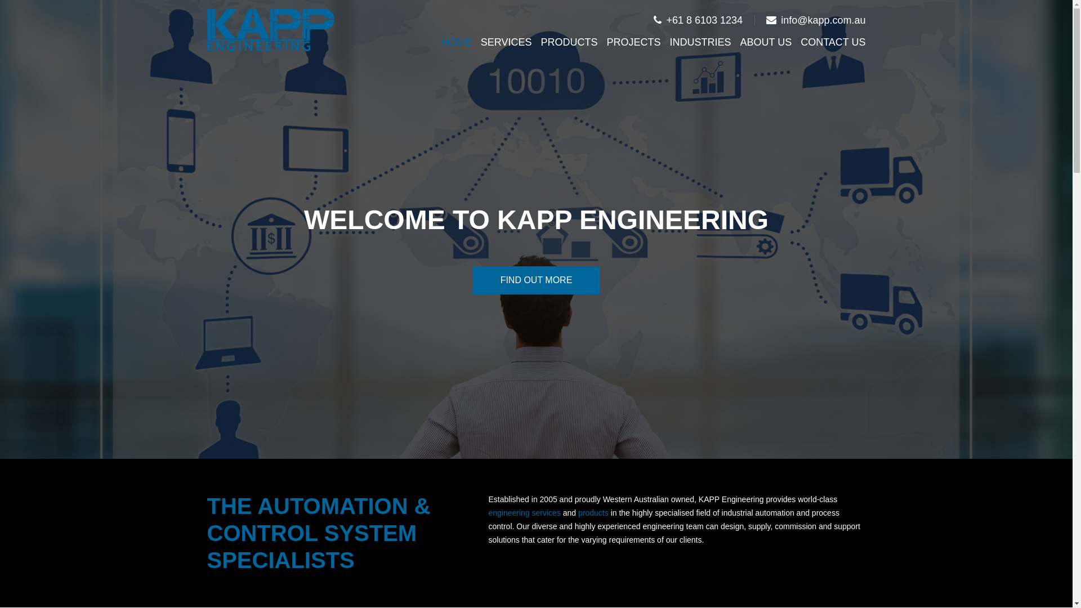 The width and height of the screenshot is (1081, 608). What do you see at coordinates (569, 41) in the screenshot?
I see `'PRODUCTS'` at bounding box center [569, 41].